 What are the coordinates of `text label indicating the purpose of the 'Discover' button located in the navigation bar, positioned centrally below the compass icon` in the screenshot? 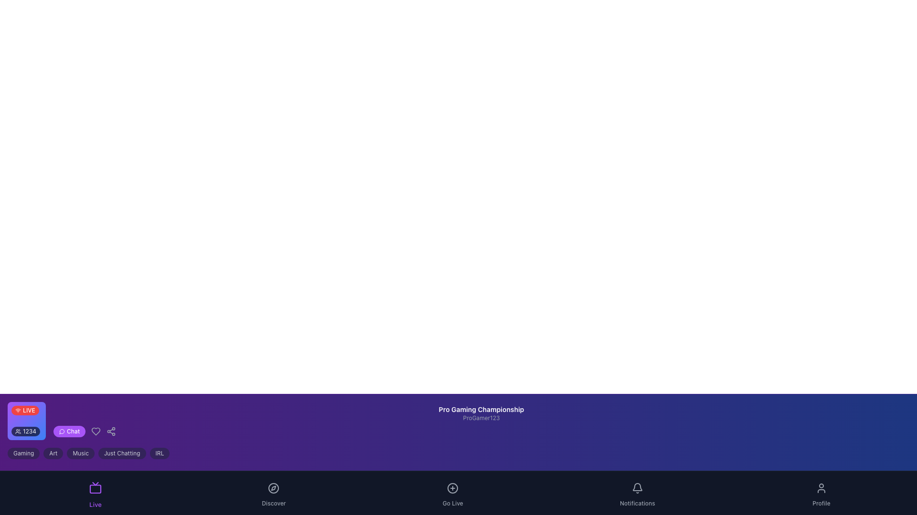 It's located at (273, 503).